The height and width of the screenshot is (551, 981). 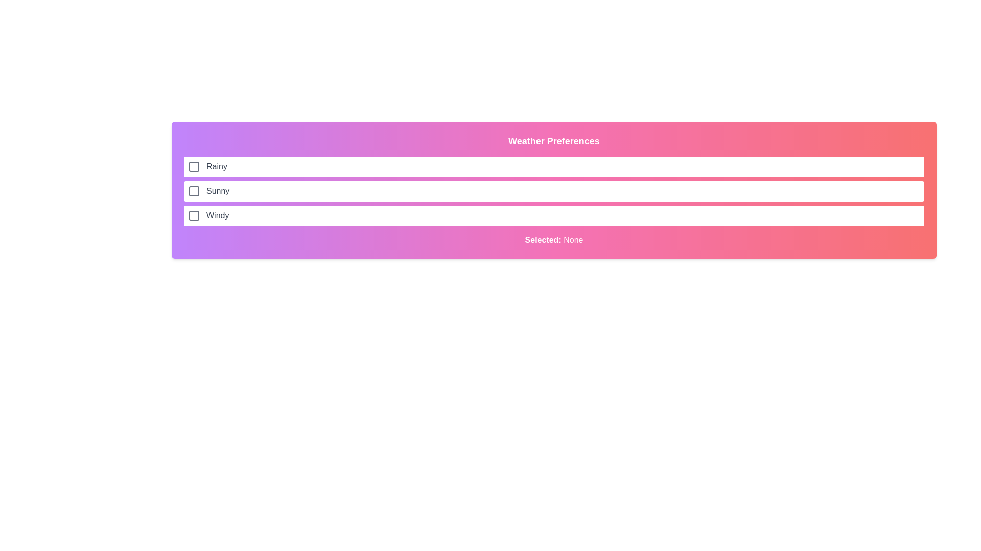 I want to click on the 'Sunny' text label to associate it with the checkbox on its left, so click(x=217, y=191).